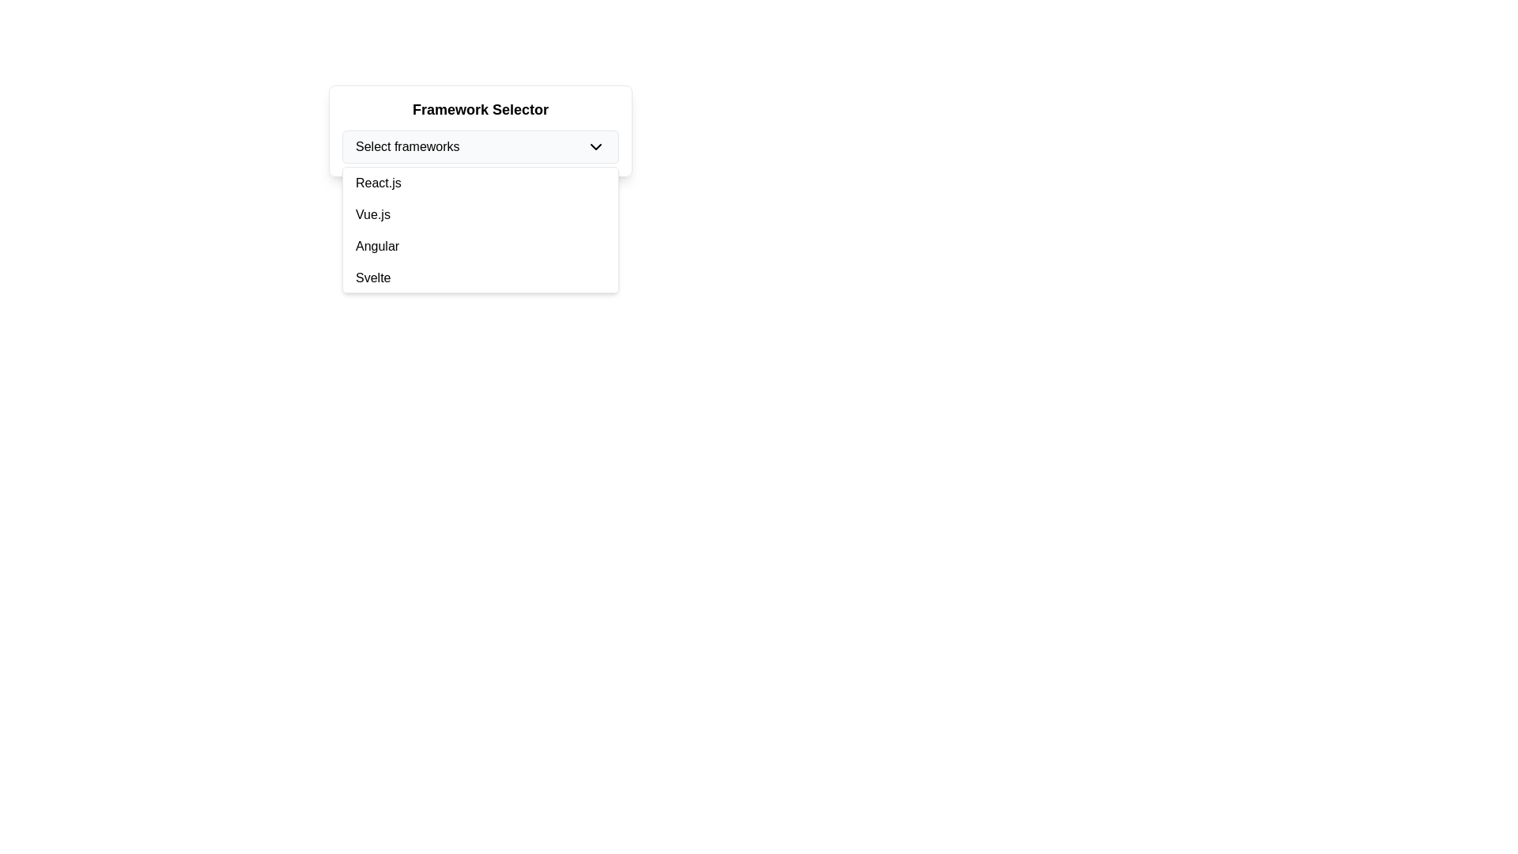 Image resolution: width=1518 pixels, height=854 pixels. I want to click on the second option in the dropdown menu for 'Vue.js' within the 'Framework Selector' section, so click(480, 215).